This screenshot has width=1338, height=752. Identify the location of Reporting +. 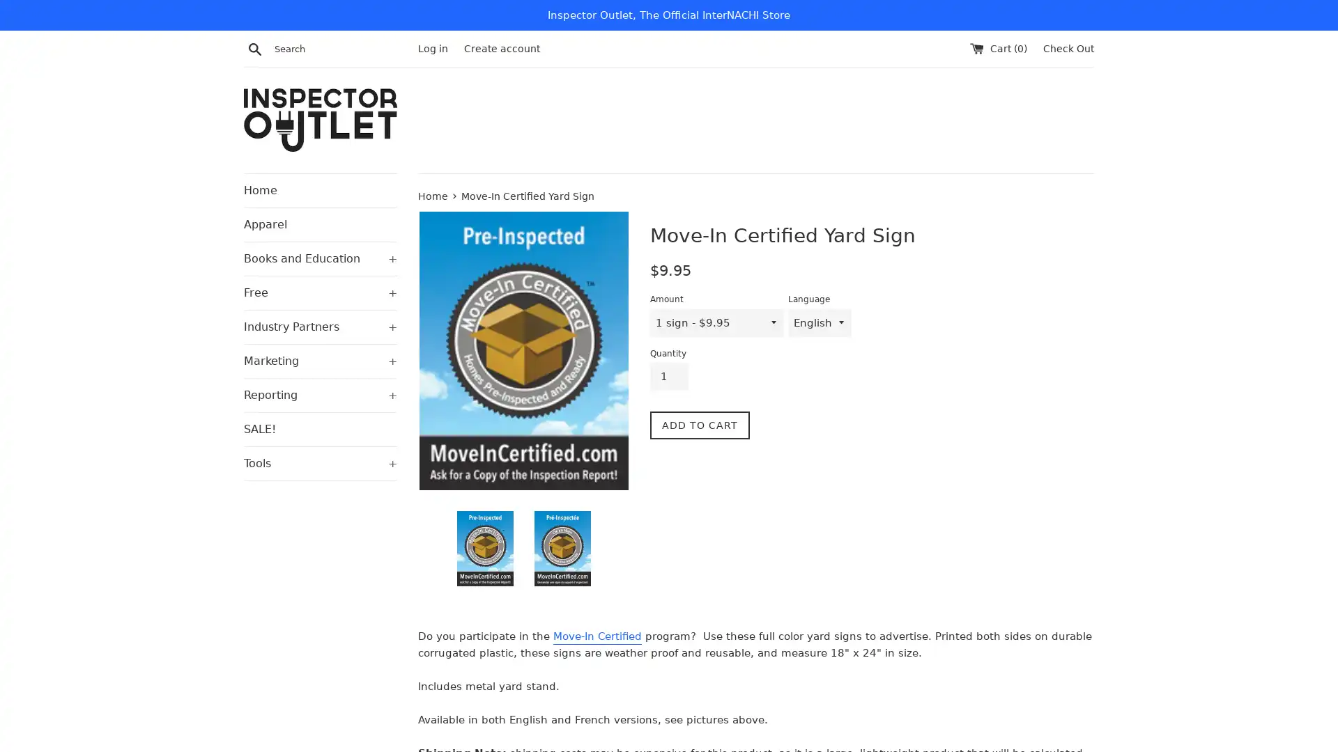
(320, 395).